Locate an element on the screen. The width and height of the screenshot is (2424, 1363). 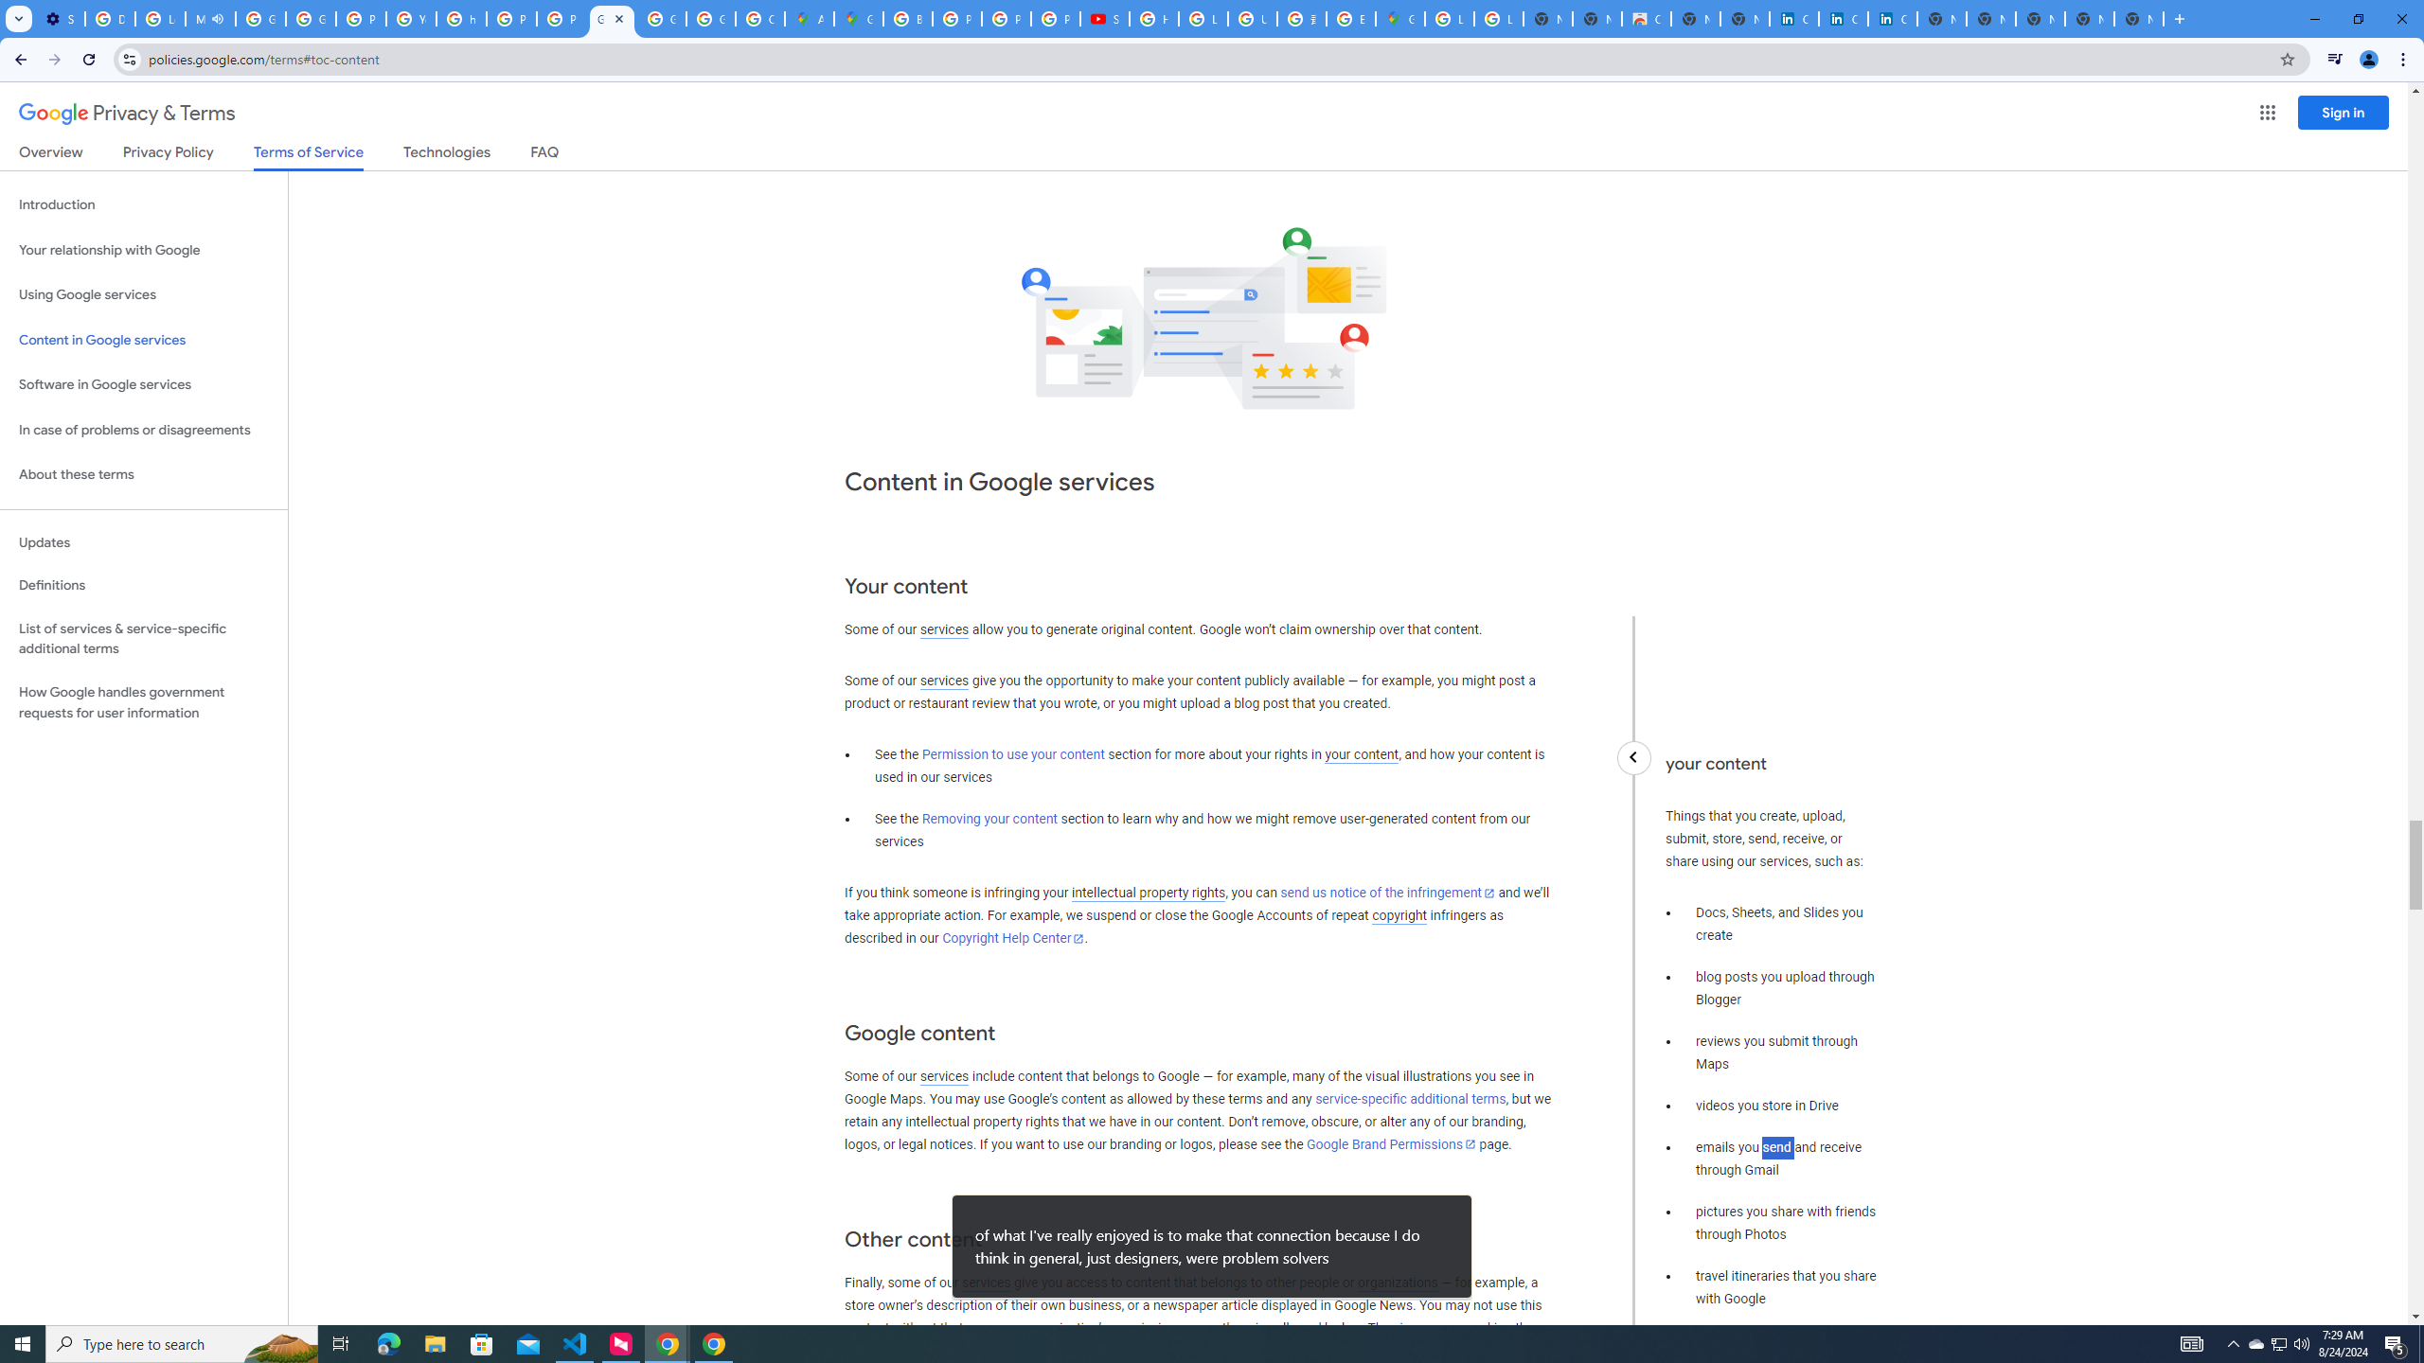
'Learn how to find your photos - Google Photos Help' is located at coordinates (158, 18).